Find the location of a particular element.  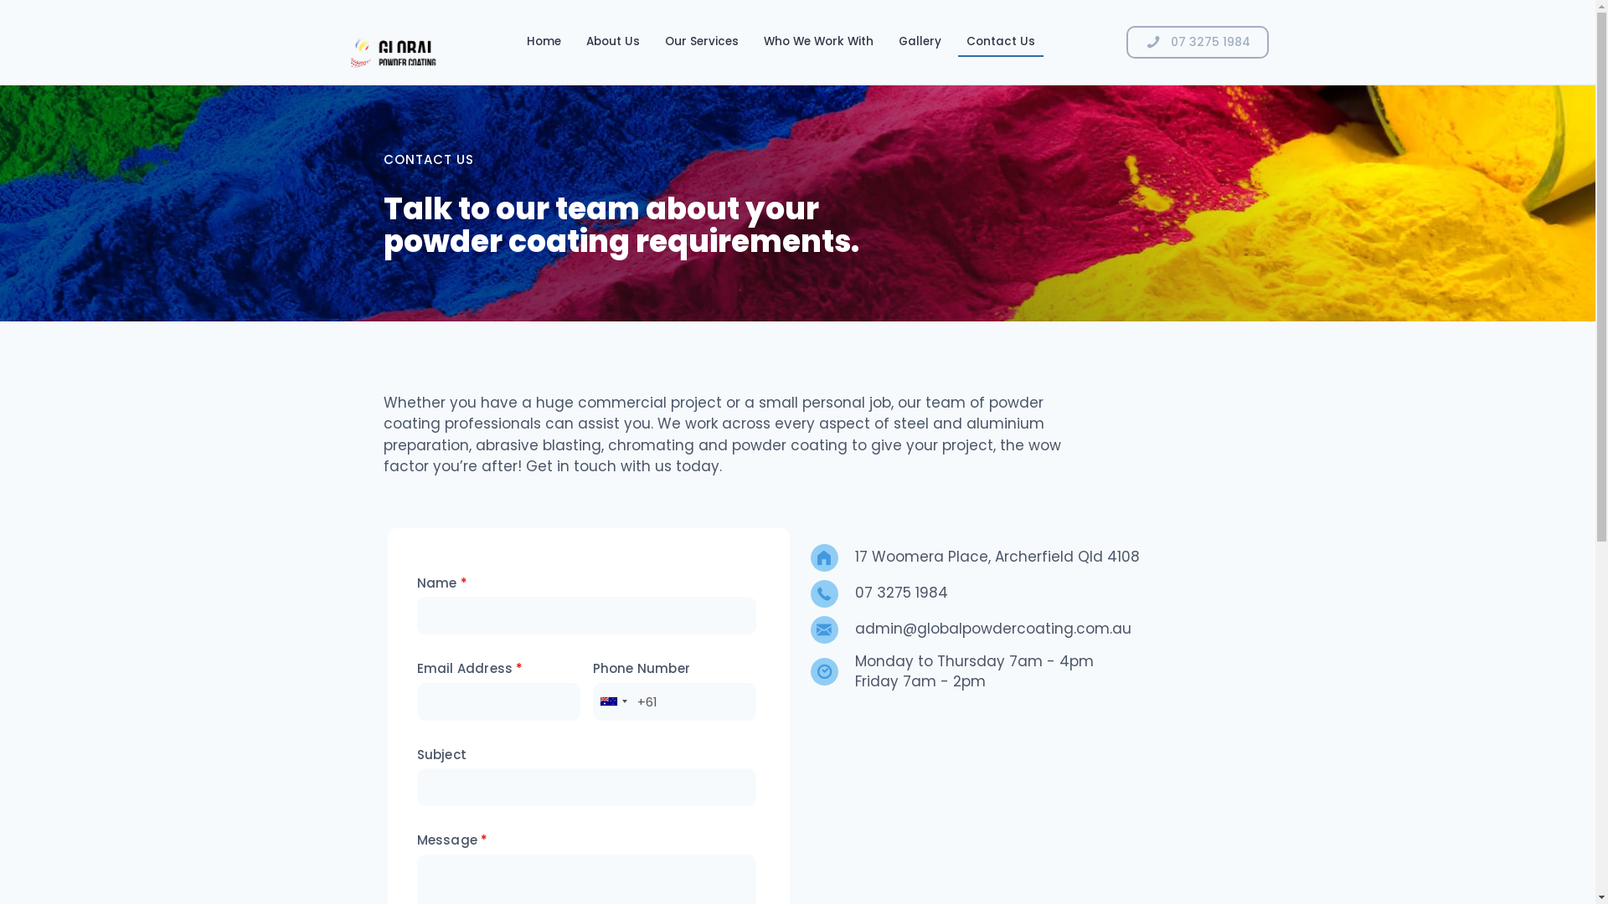

'GPC-Logo Animated' is located at coordinates (379, 41).